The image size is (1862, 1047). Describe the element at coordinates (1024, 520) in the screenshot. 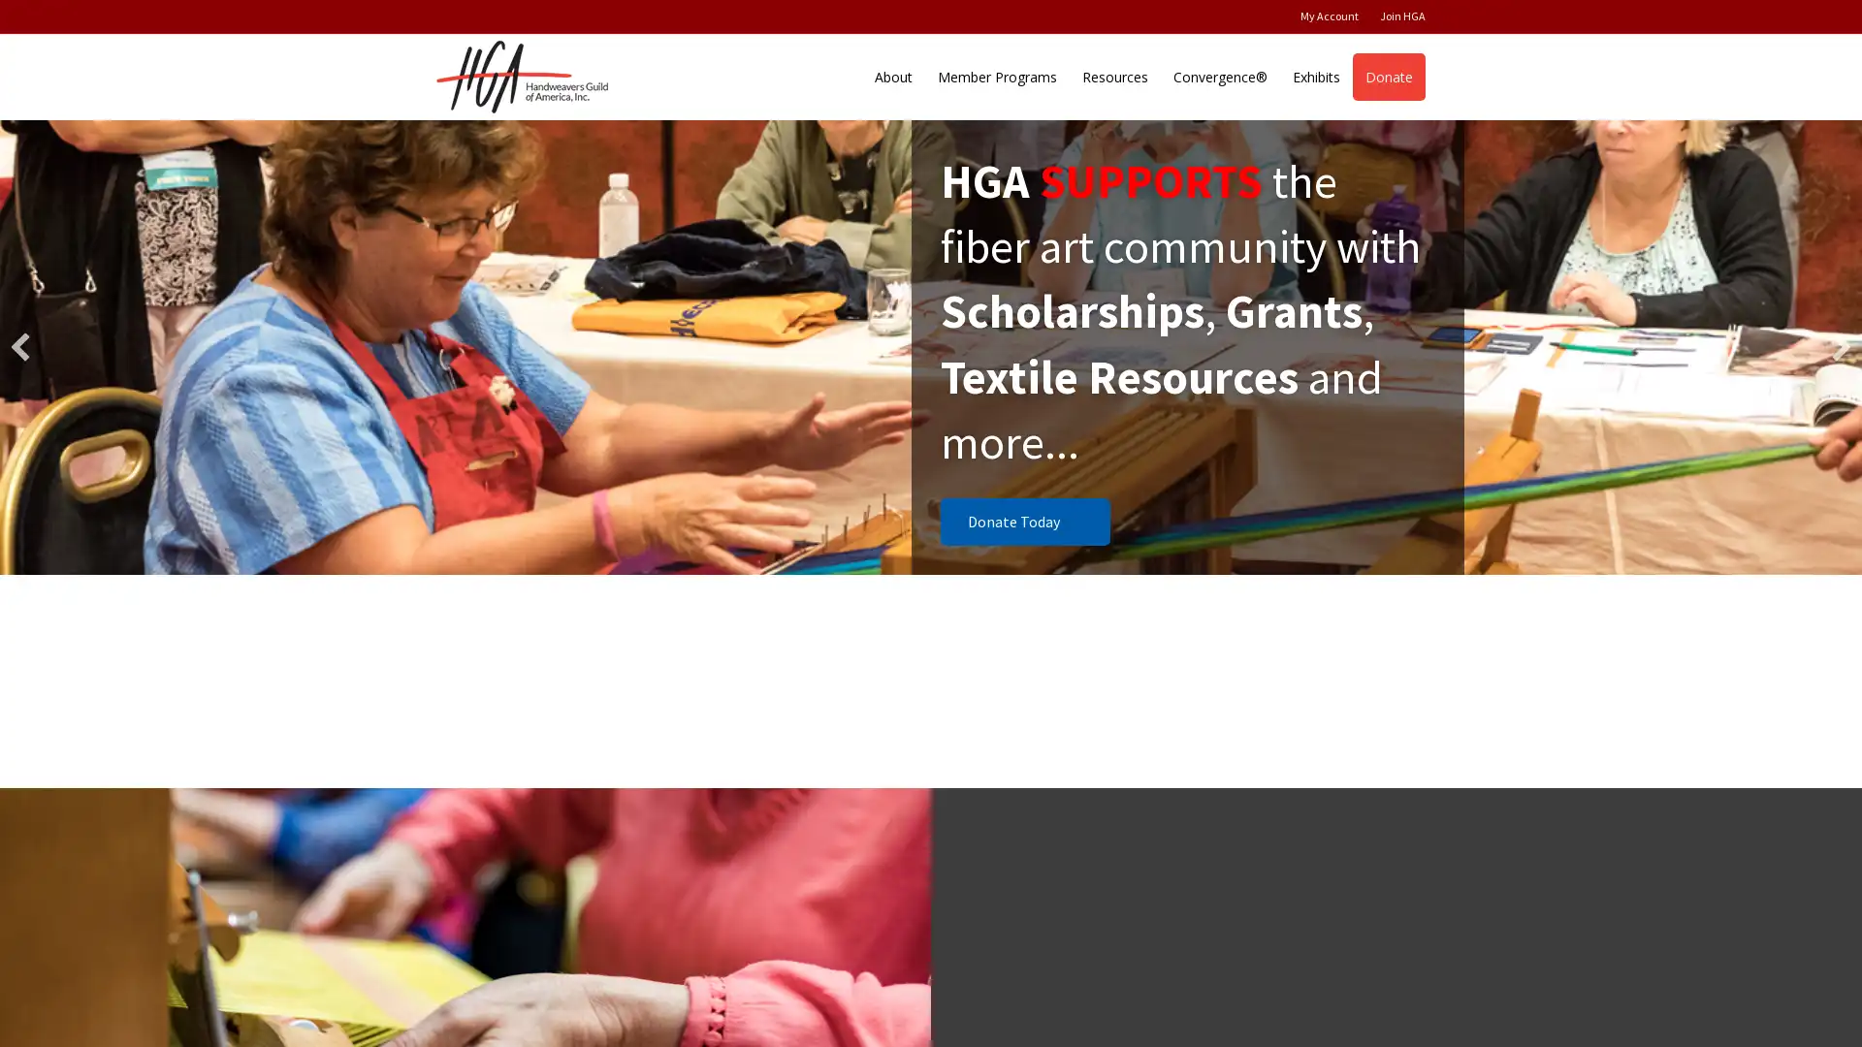

I see `Donate Today` at that location.